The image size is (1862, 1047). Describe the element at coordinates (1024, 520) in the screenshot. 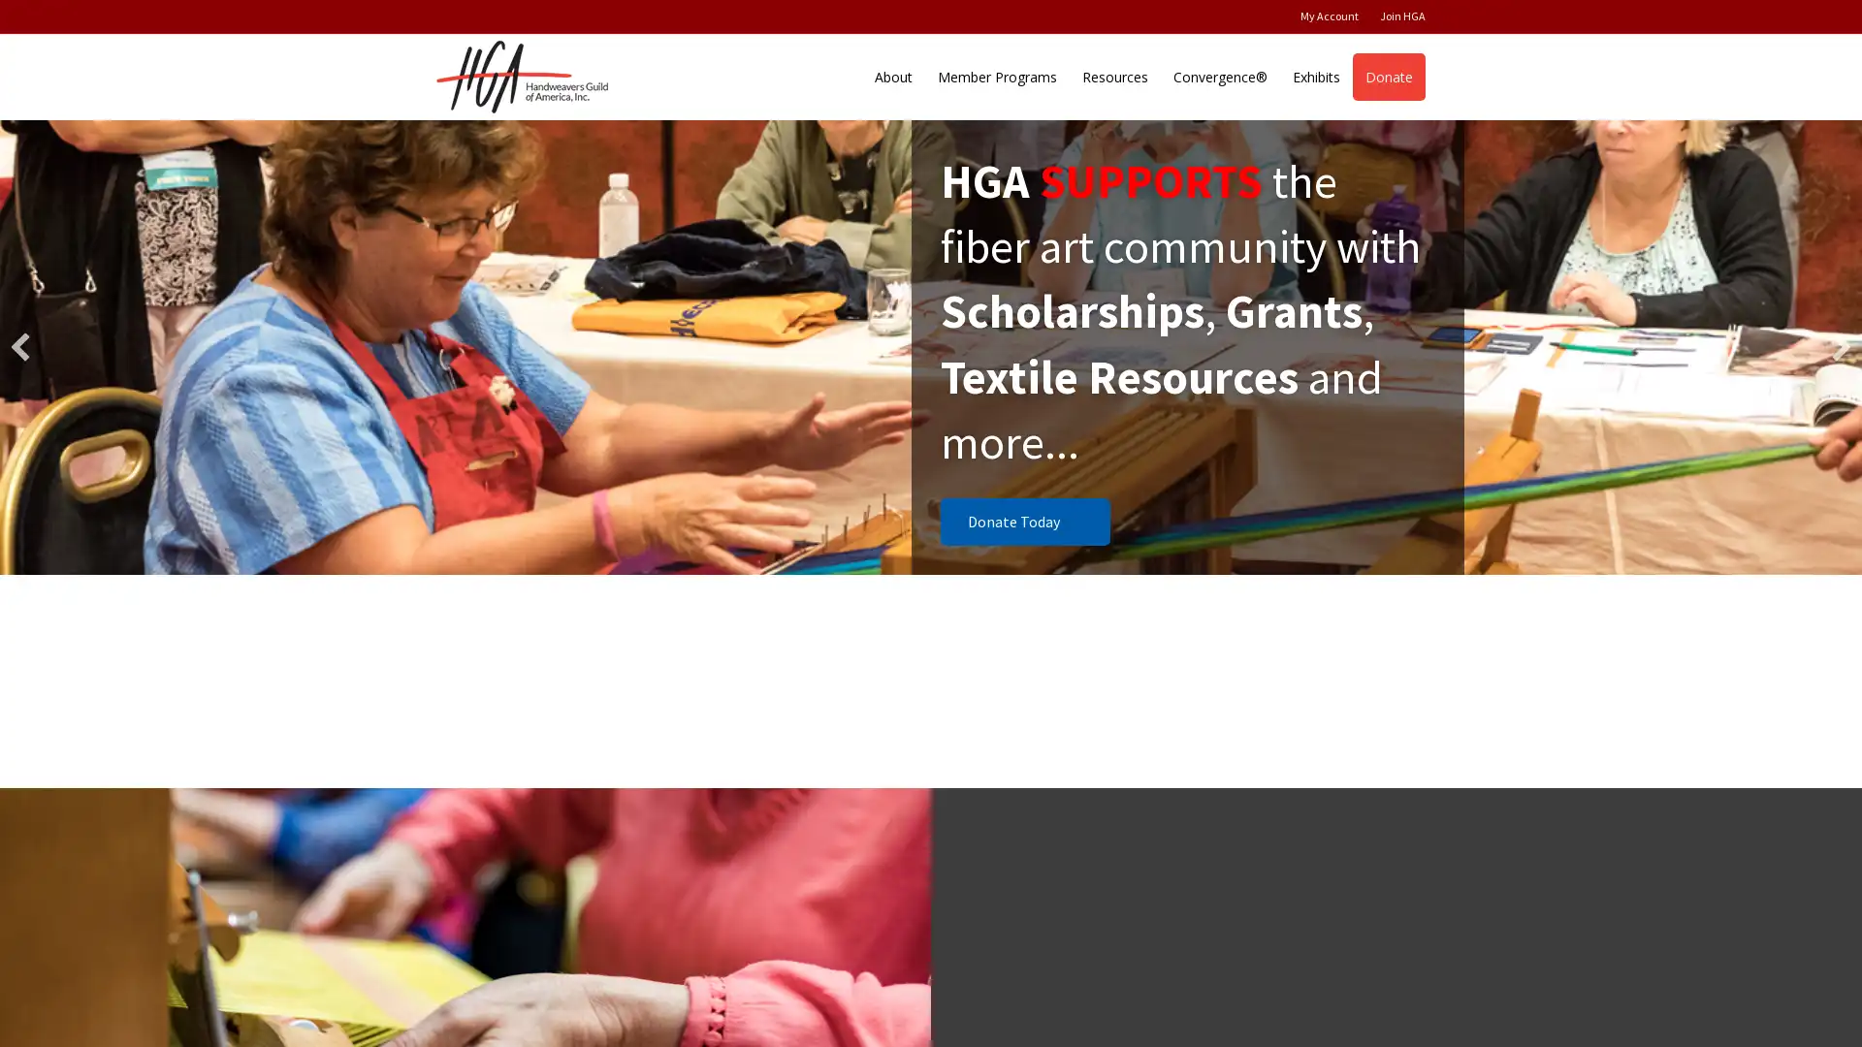

I see `Donate Today` at that location.